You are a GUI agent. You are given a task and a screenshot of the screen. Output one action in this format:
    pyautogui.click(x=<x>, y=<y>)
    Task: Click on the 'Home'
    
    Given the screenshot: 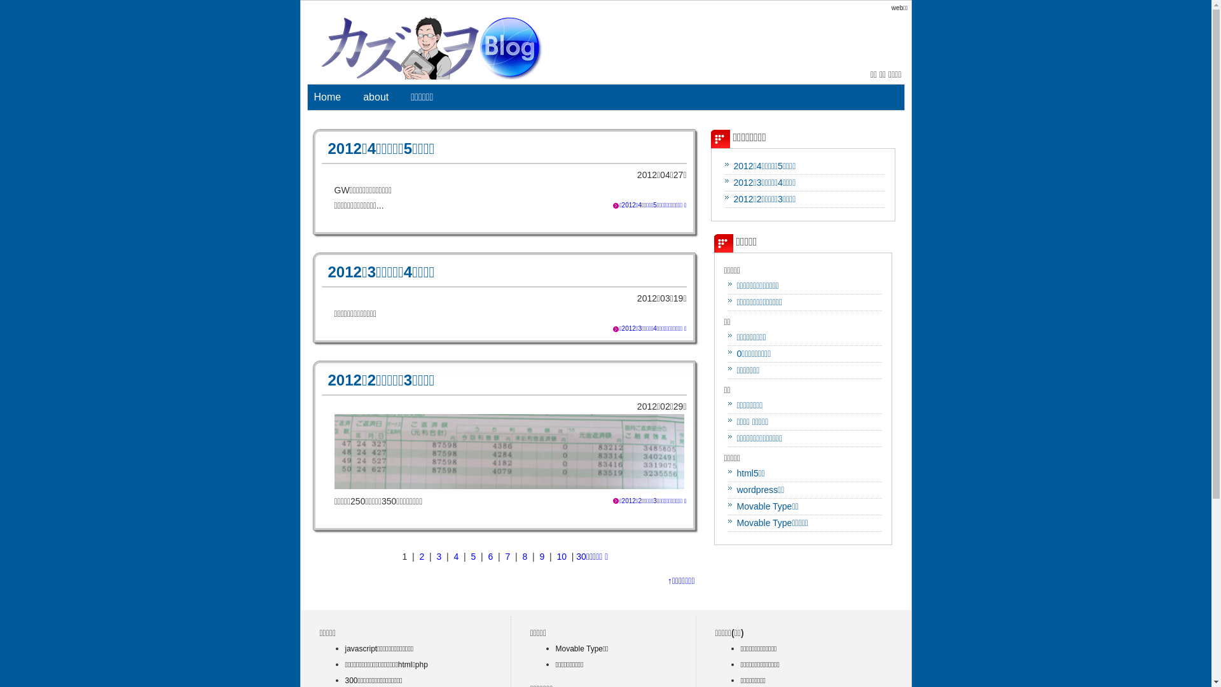 What is the action you would take?
    pyautogui.click(x=328, y=97)
    